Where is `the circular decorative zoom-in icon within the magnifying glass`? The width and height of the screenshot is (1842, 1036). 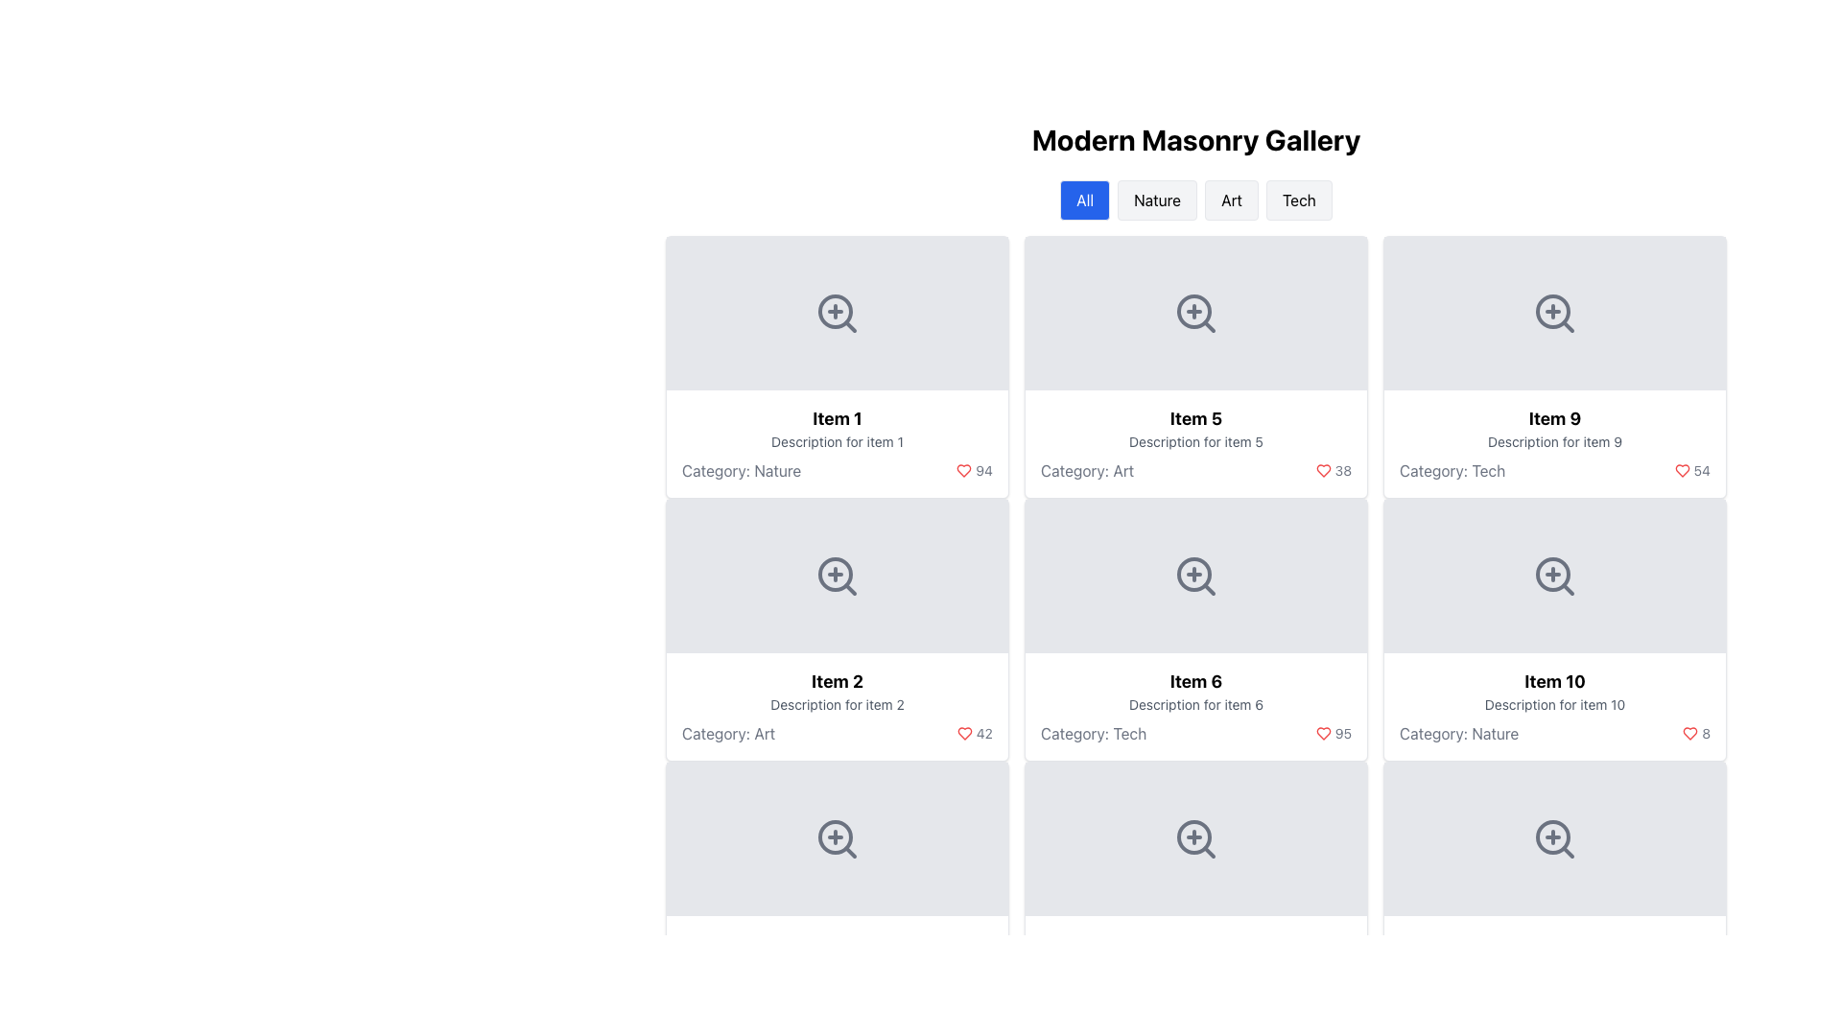
the circular decorative zoom-in icon within the magnifying glass is located at coordinates (1193, 573).